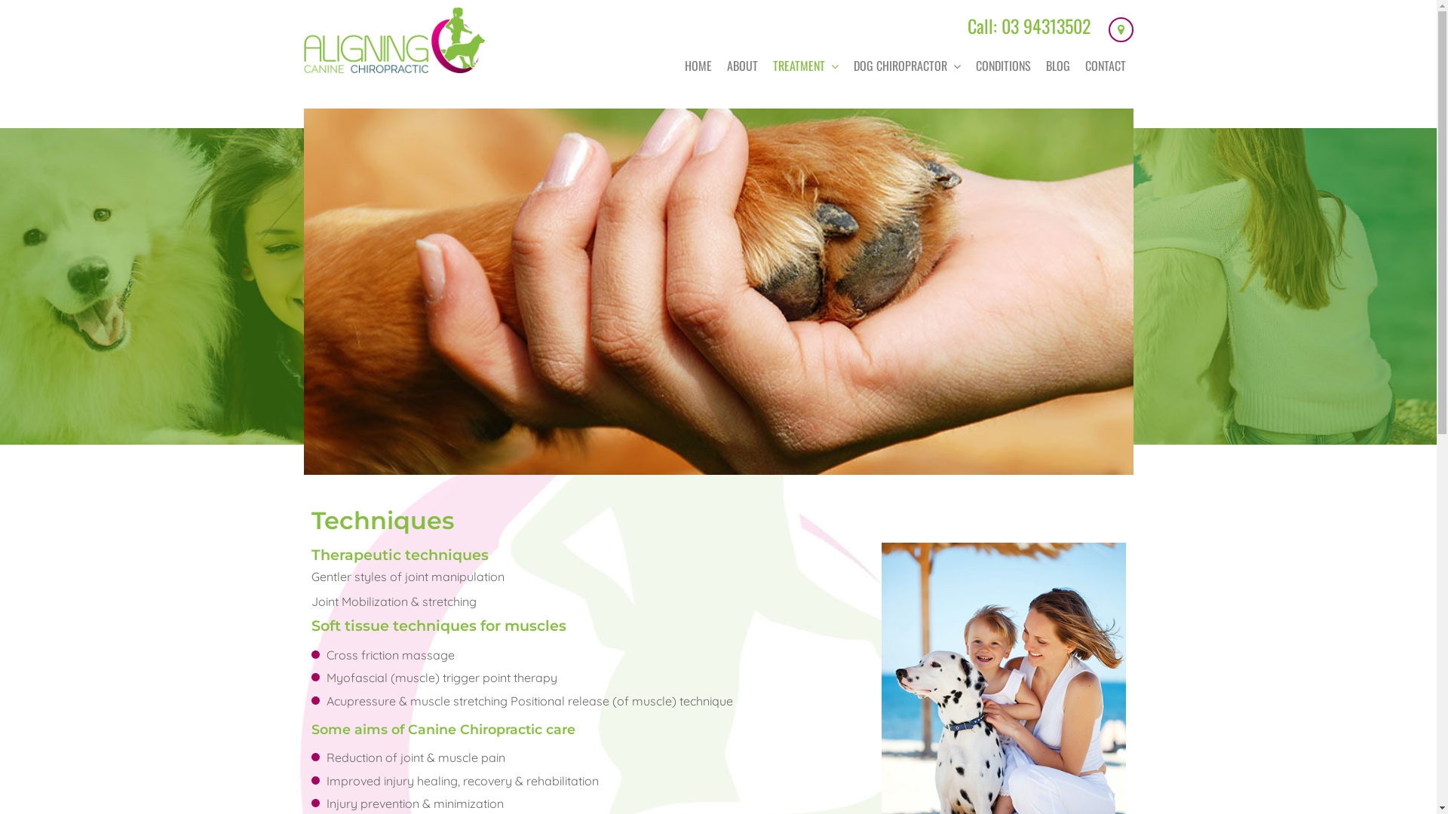 The image size is (1448, 814). What do you see at coordinates (907, 65) in the screenshot?
I see `'DOG CHIROPRACTOR'` at bounding box center [907, 65].